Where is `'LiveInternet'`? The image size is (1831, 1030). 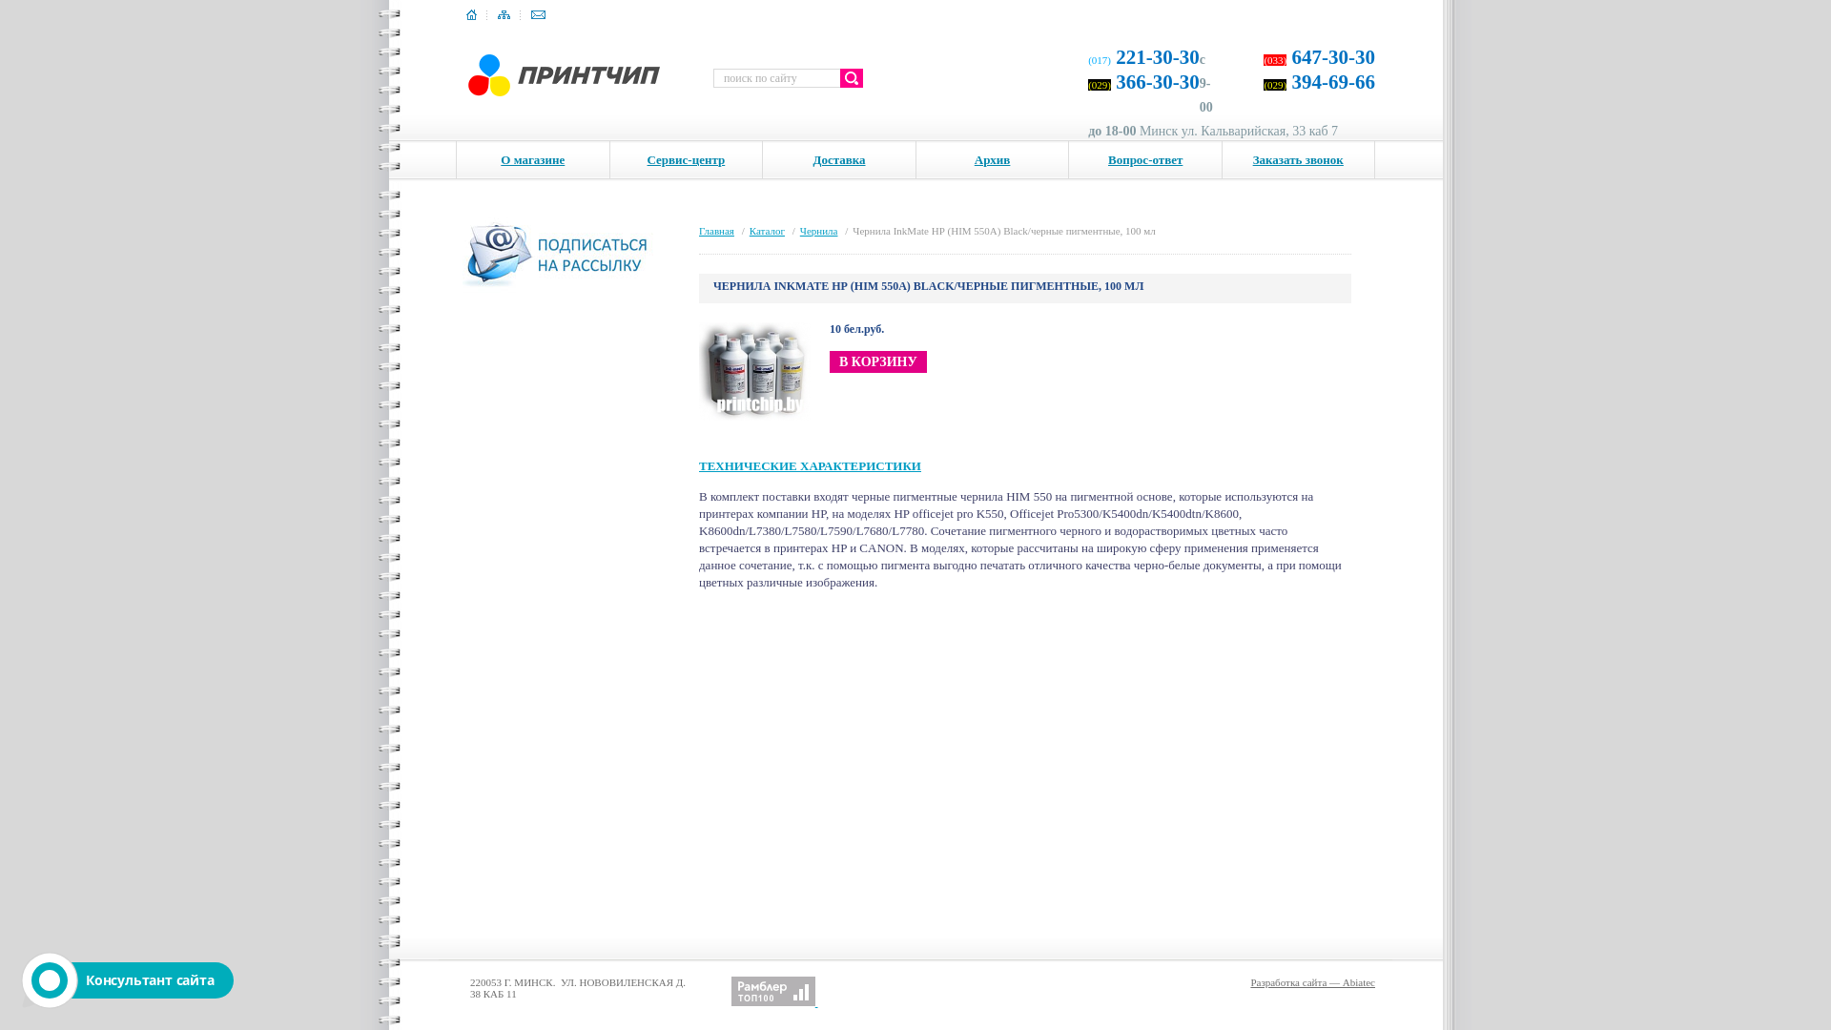 'LiveInternet' is located at coordinates (712, 990).